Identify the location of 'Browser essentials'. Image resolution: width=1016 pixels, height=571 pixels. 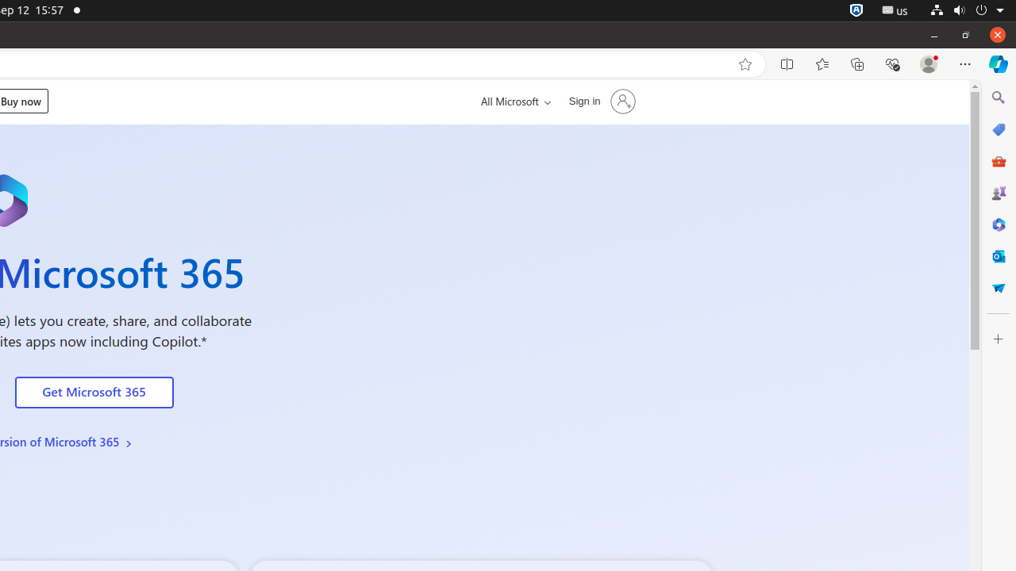
(891, 63).